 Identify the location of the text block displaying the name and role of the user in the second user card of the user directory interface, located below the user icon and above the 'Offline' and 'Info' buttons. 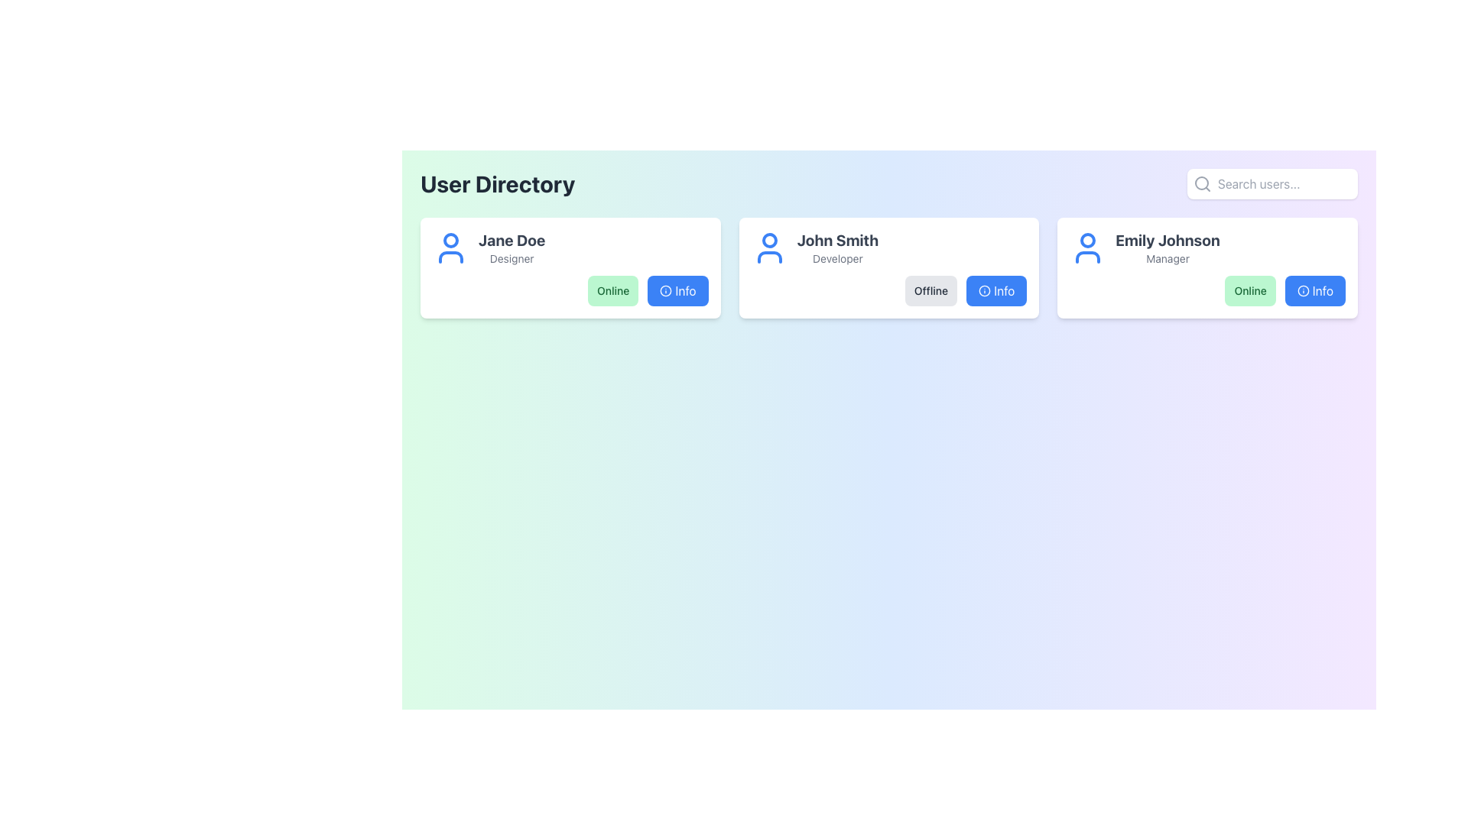
(836, 247).